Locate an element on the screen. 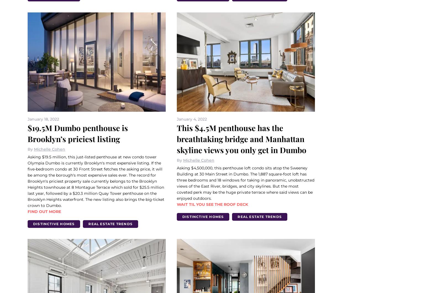 The height and width of the screenshot is (293, 442). 'Find out more' is located at coordinates (44, 211).